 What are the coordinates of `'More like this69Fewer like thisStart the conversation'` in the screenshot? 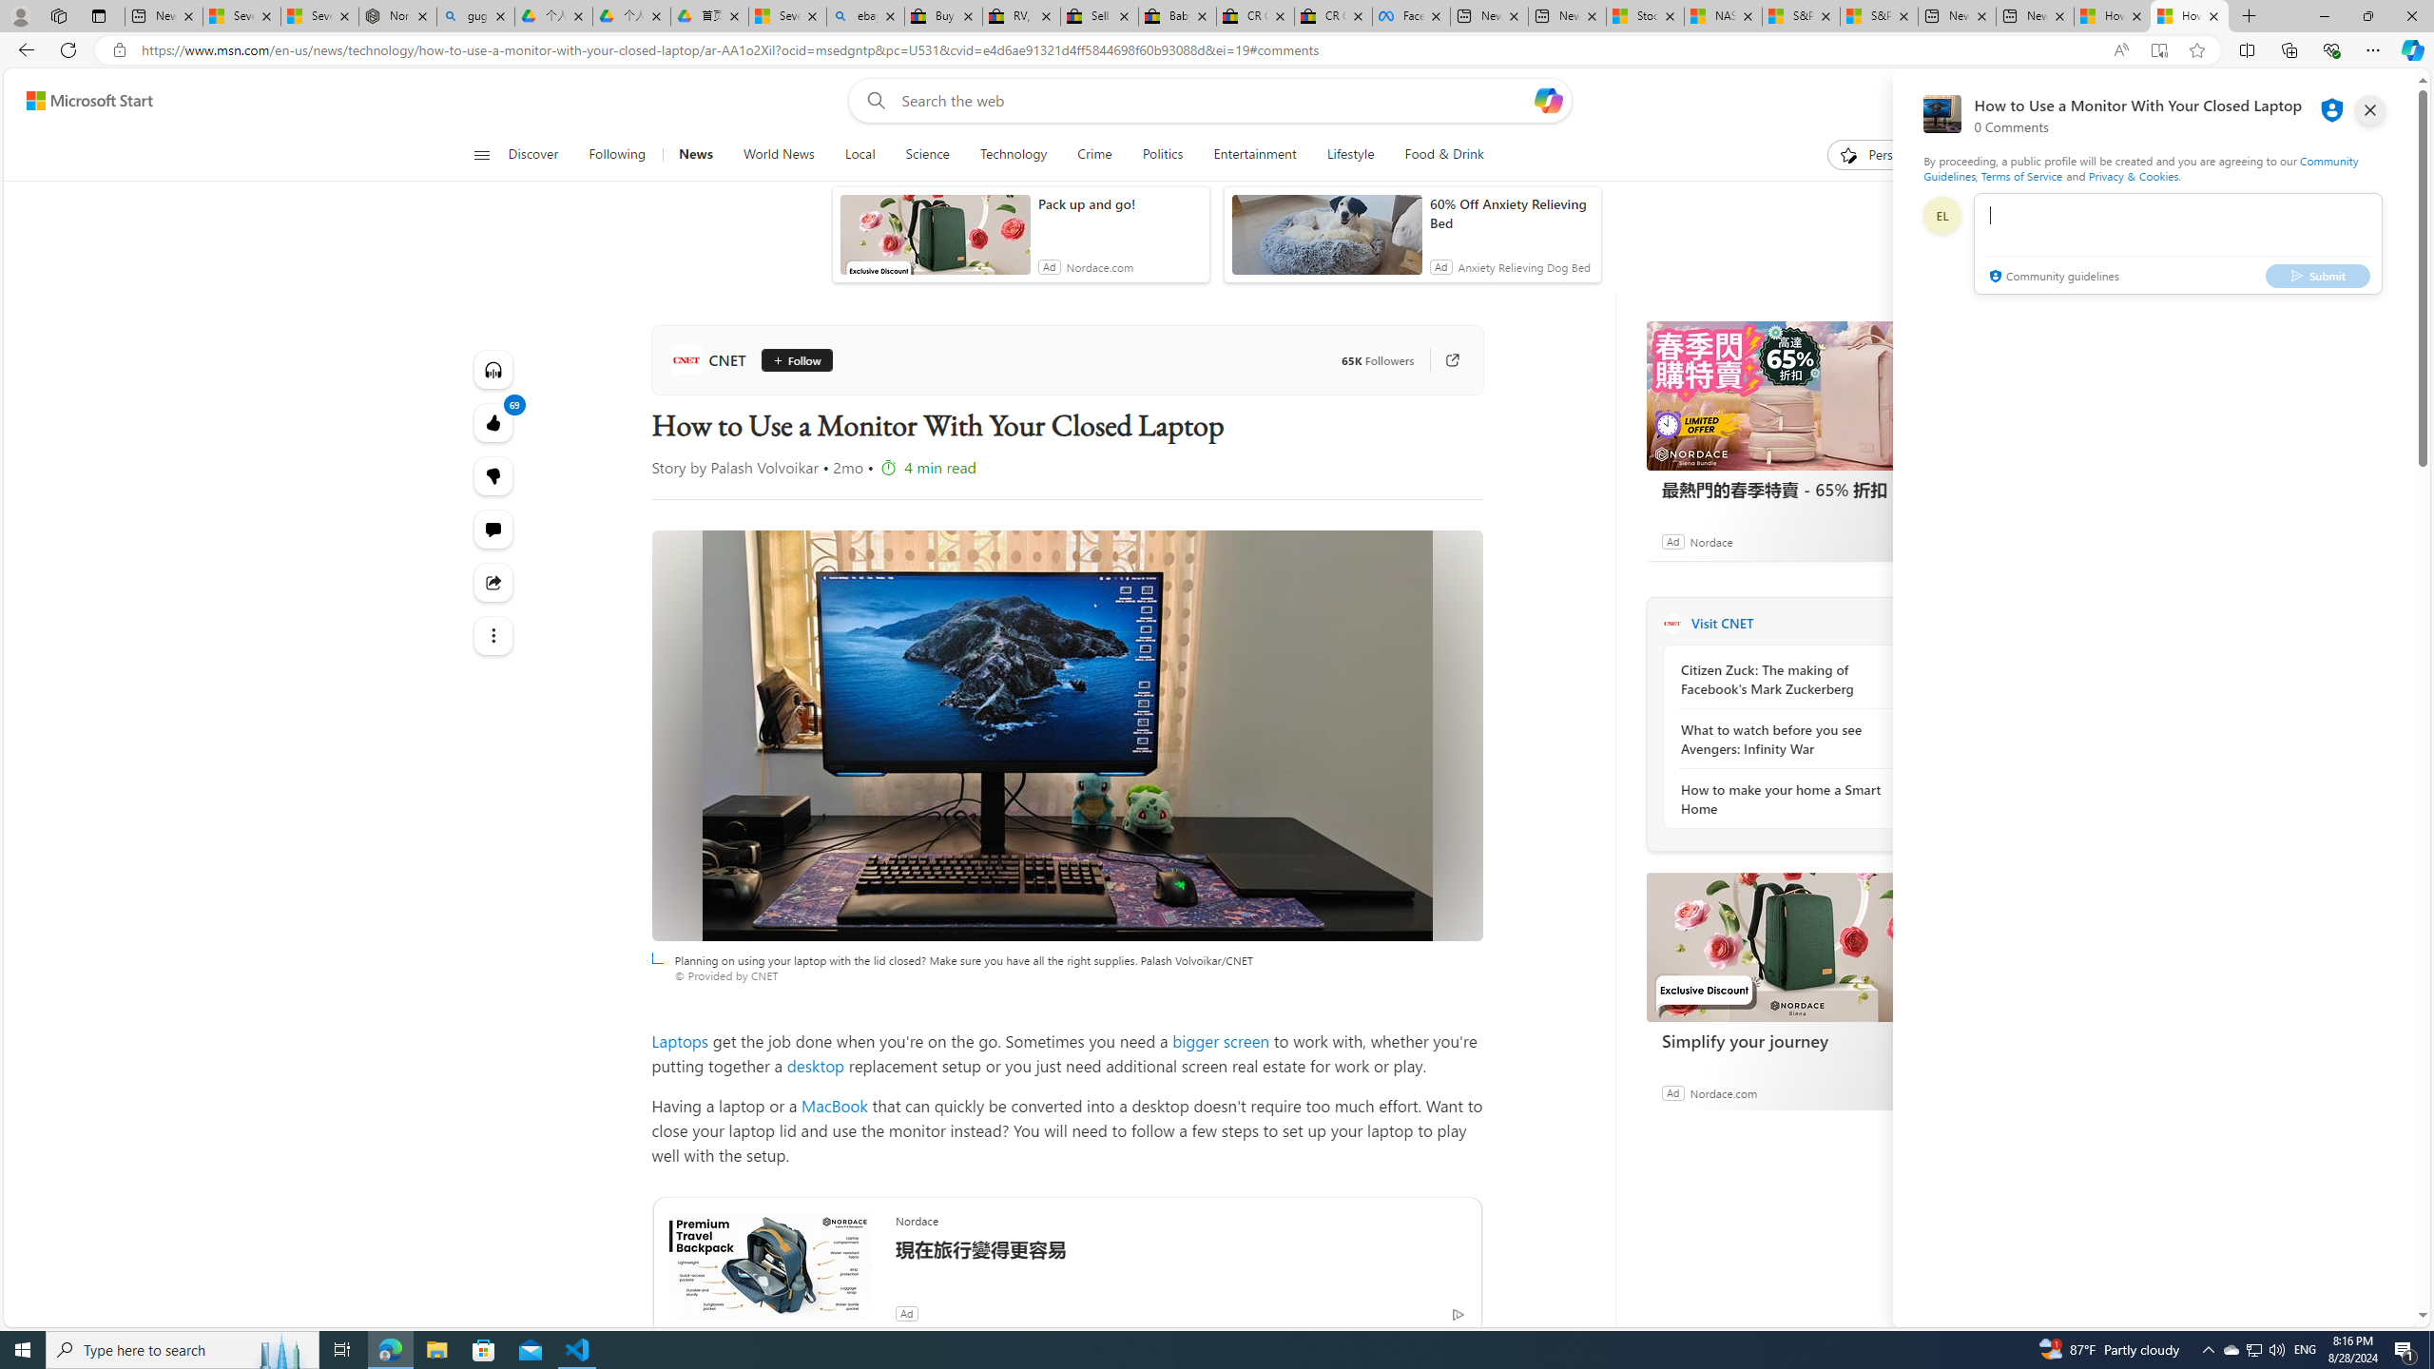 It's located at (493, 476).